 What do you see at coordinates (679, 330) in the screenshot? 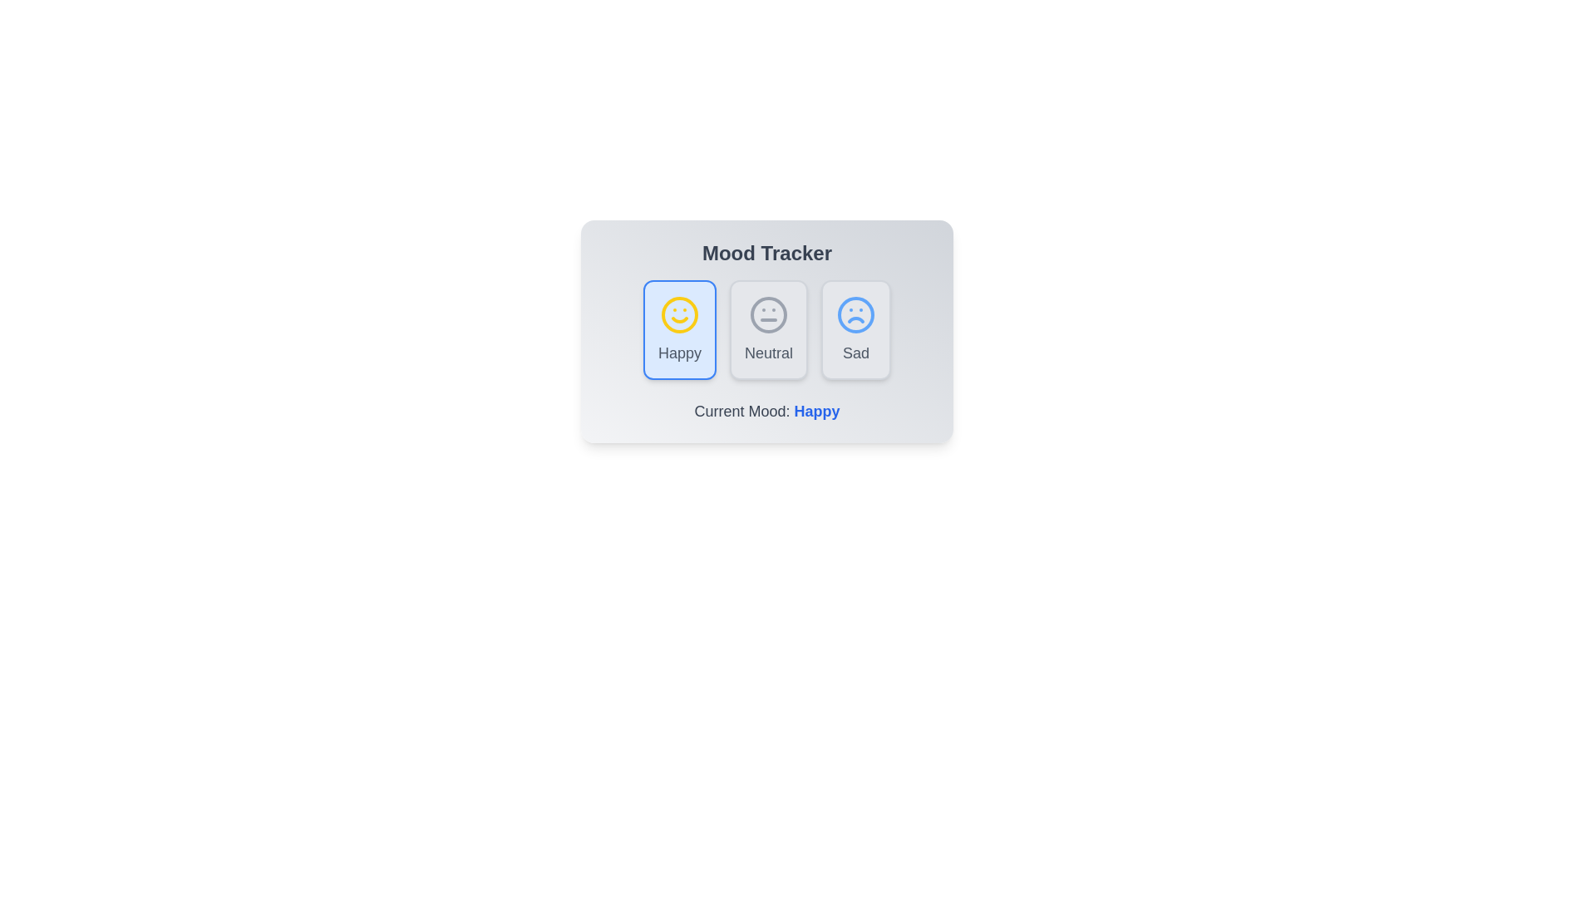
I see `the mood button labeled Happy` at bounding box center [679, 330].